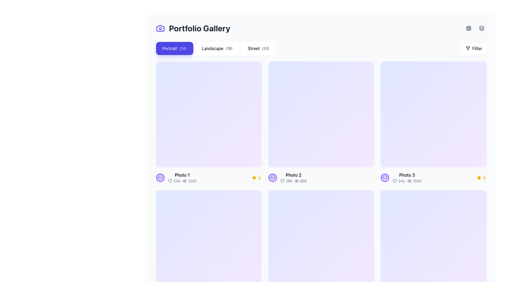 The height and width of the screenshot is (294, 522). Describe the element at coordinates (479, 178) in the screenshot. I see `the golden-yellow filled star icon located in the footer section under the third photo card labeled 'Photo 3', positioned to the right of the text details '342' and '1500'` at that location.